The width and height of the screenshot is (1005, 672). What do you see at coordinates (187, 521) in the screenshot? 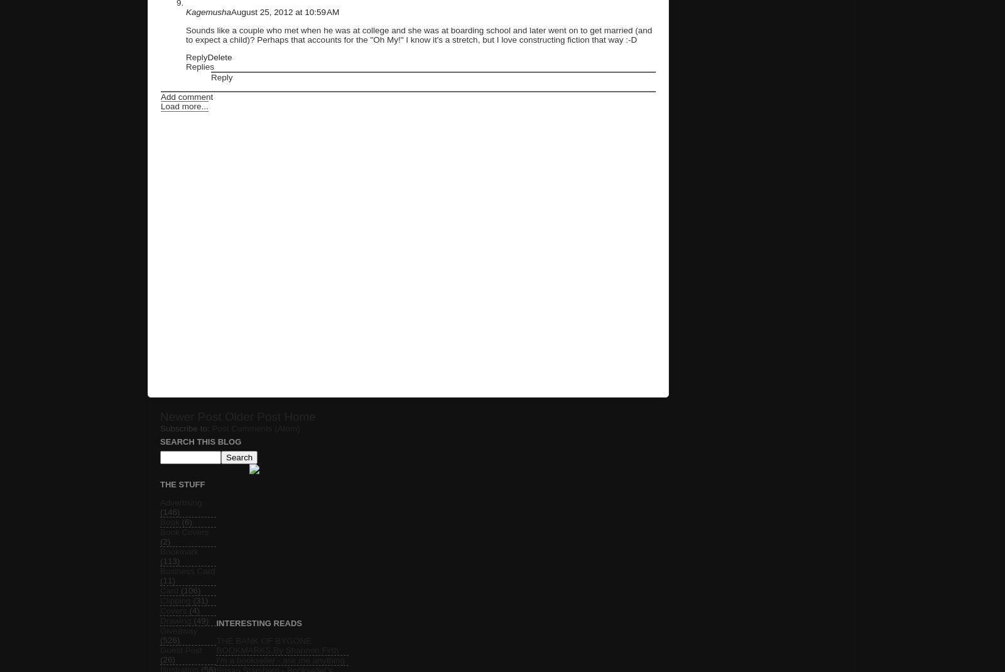
I see `'(6)'` at bounding box center [187, 521].